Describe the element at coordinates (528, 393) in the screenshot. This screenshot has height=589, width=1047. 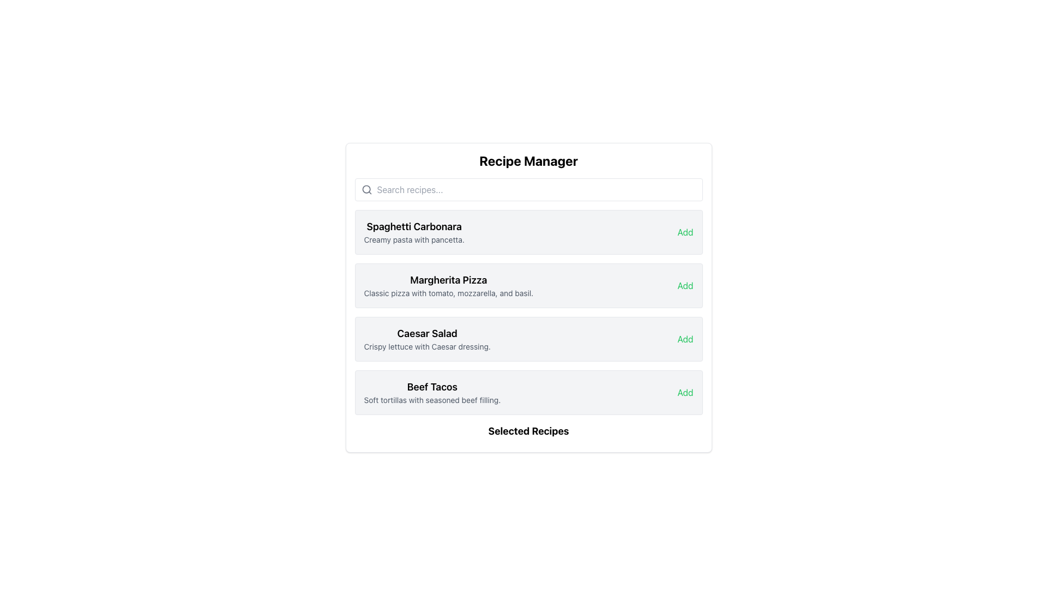
I see `the 'Beef Tacos' information-display and action button component to read its description` at that location.